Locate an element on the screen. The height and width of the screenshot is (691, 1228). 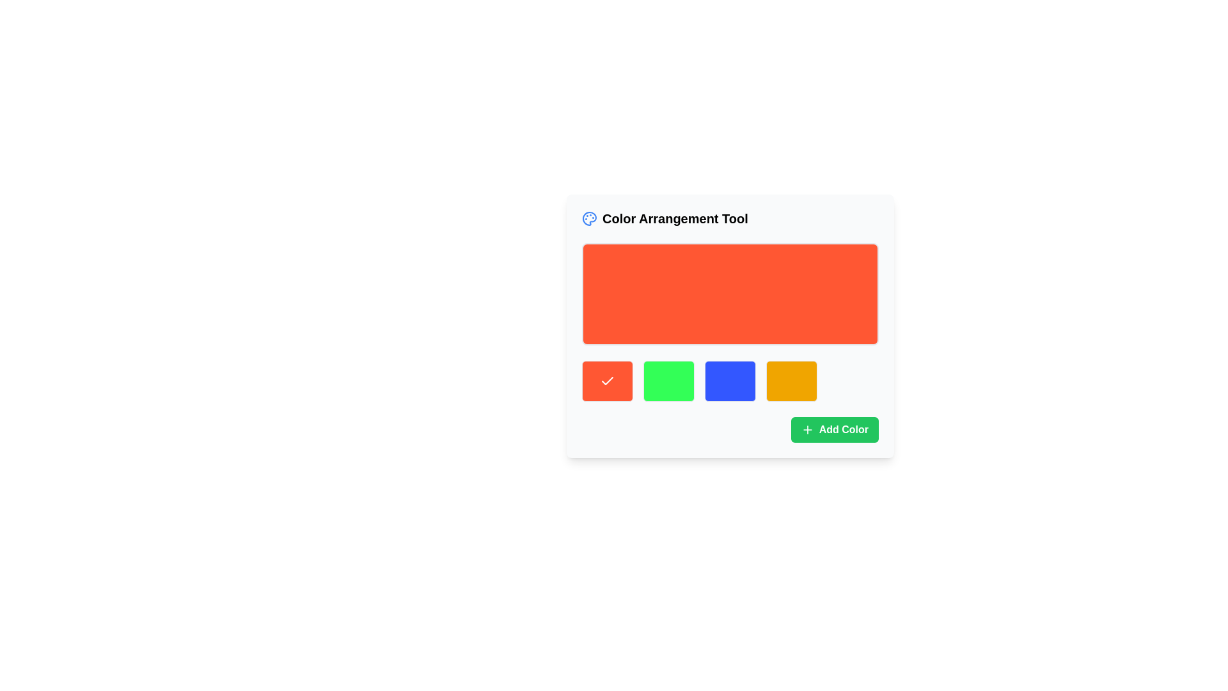
the third color selection box located below the main red rectangle in the color arrangement tool is located at coordinates (730, 381).